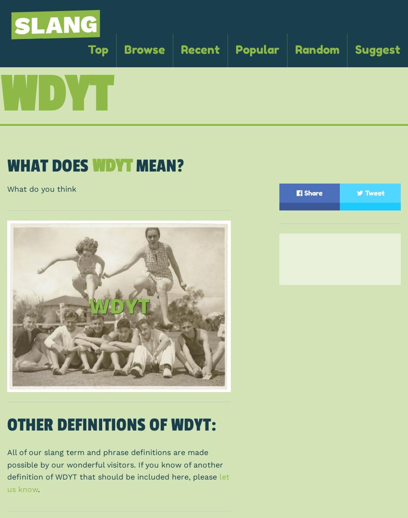 The image size is (408, 518). What do you see at coordinates (118, 482) in the screenshot?
I see `'let us know'` at bounding box center [118, 482].